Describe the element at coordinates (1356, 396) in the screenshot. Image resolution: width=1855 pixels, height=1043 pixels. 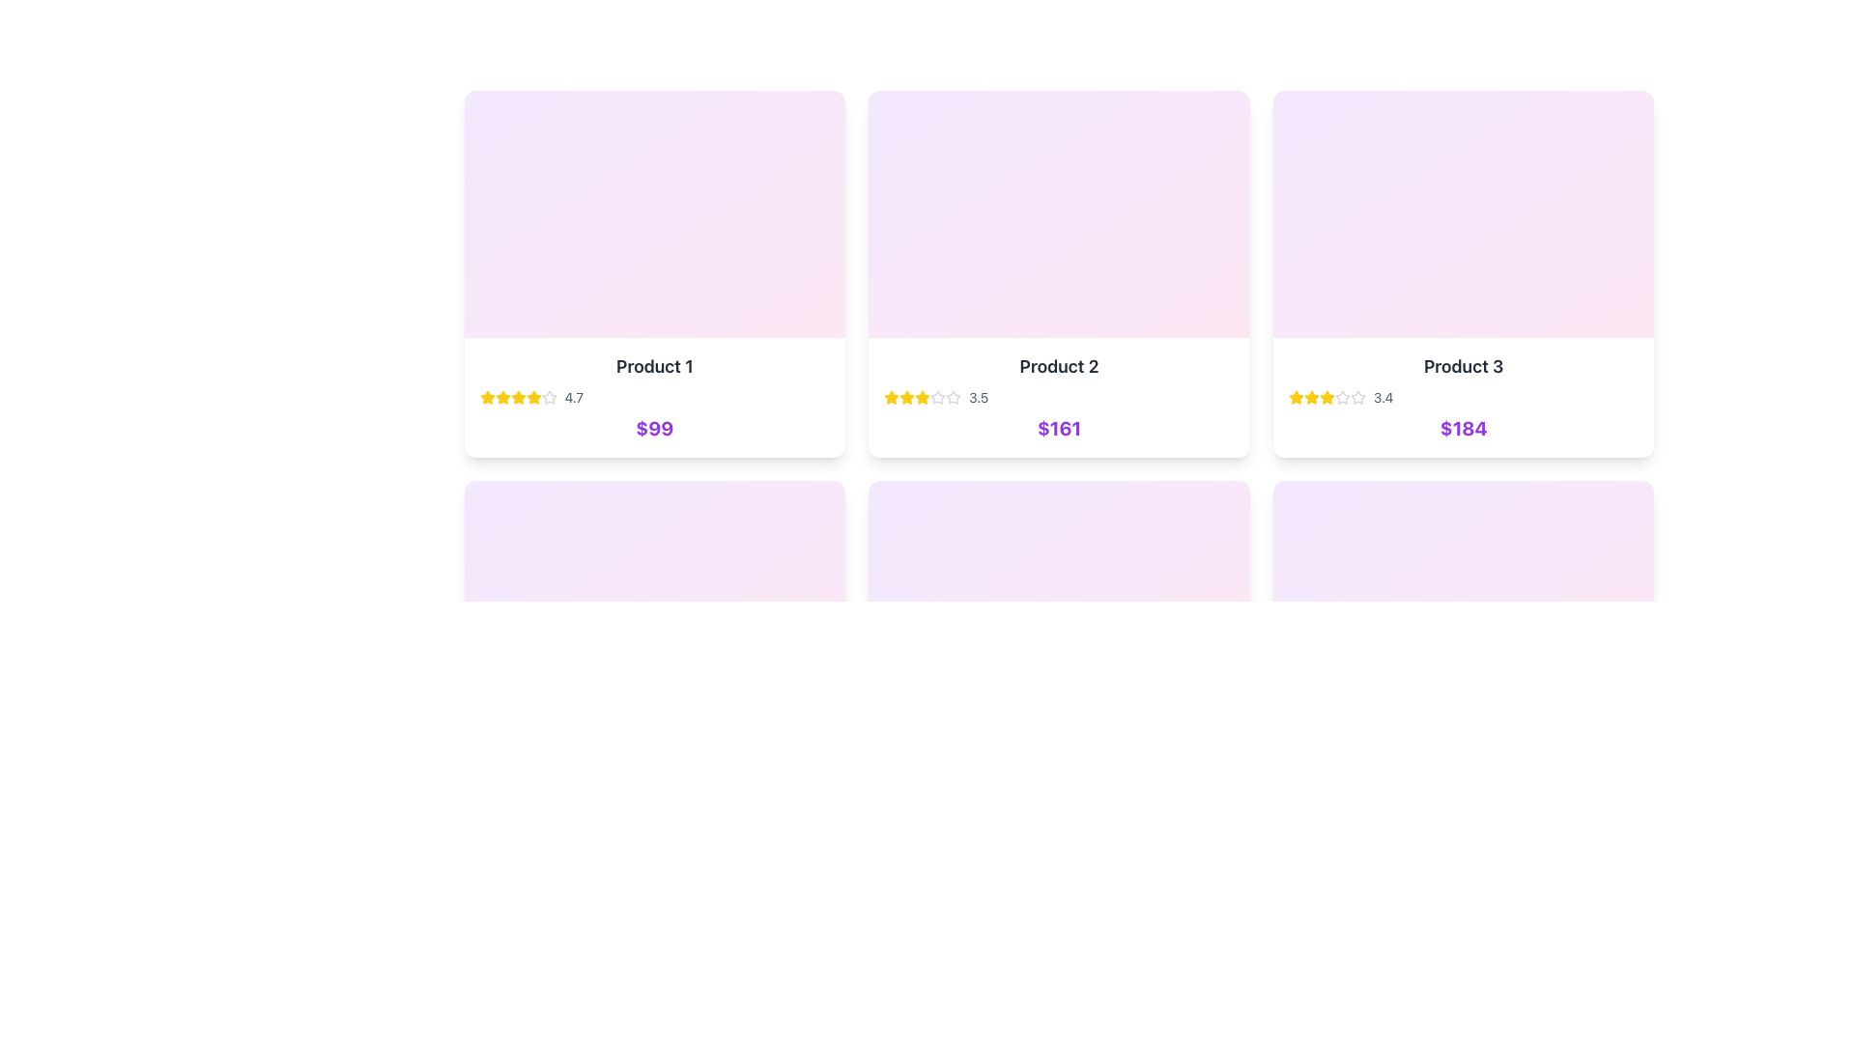
I see `the hollow star icon representing the second star in the 5-star rating system for 'Product 3' to alter the rating` at that location.